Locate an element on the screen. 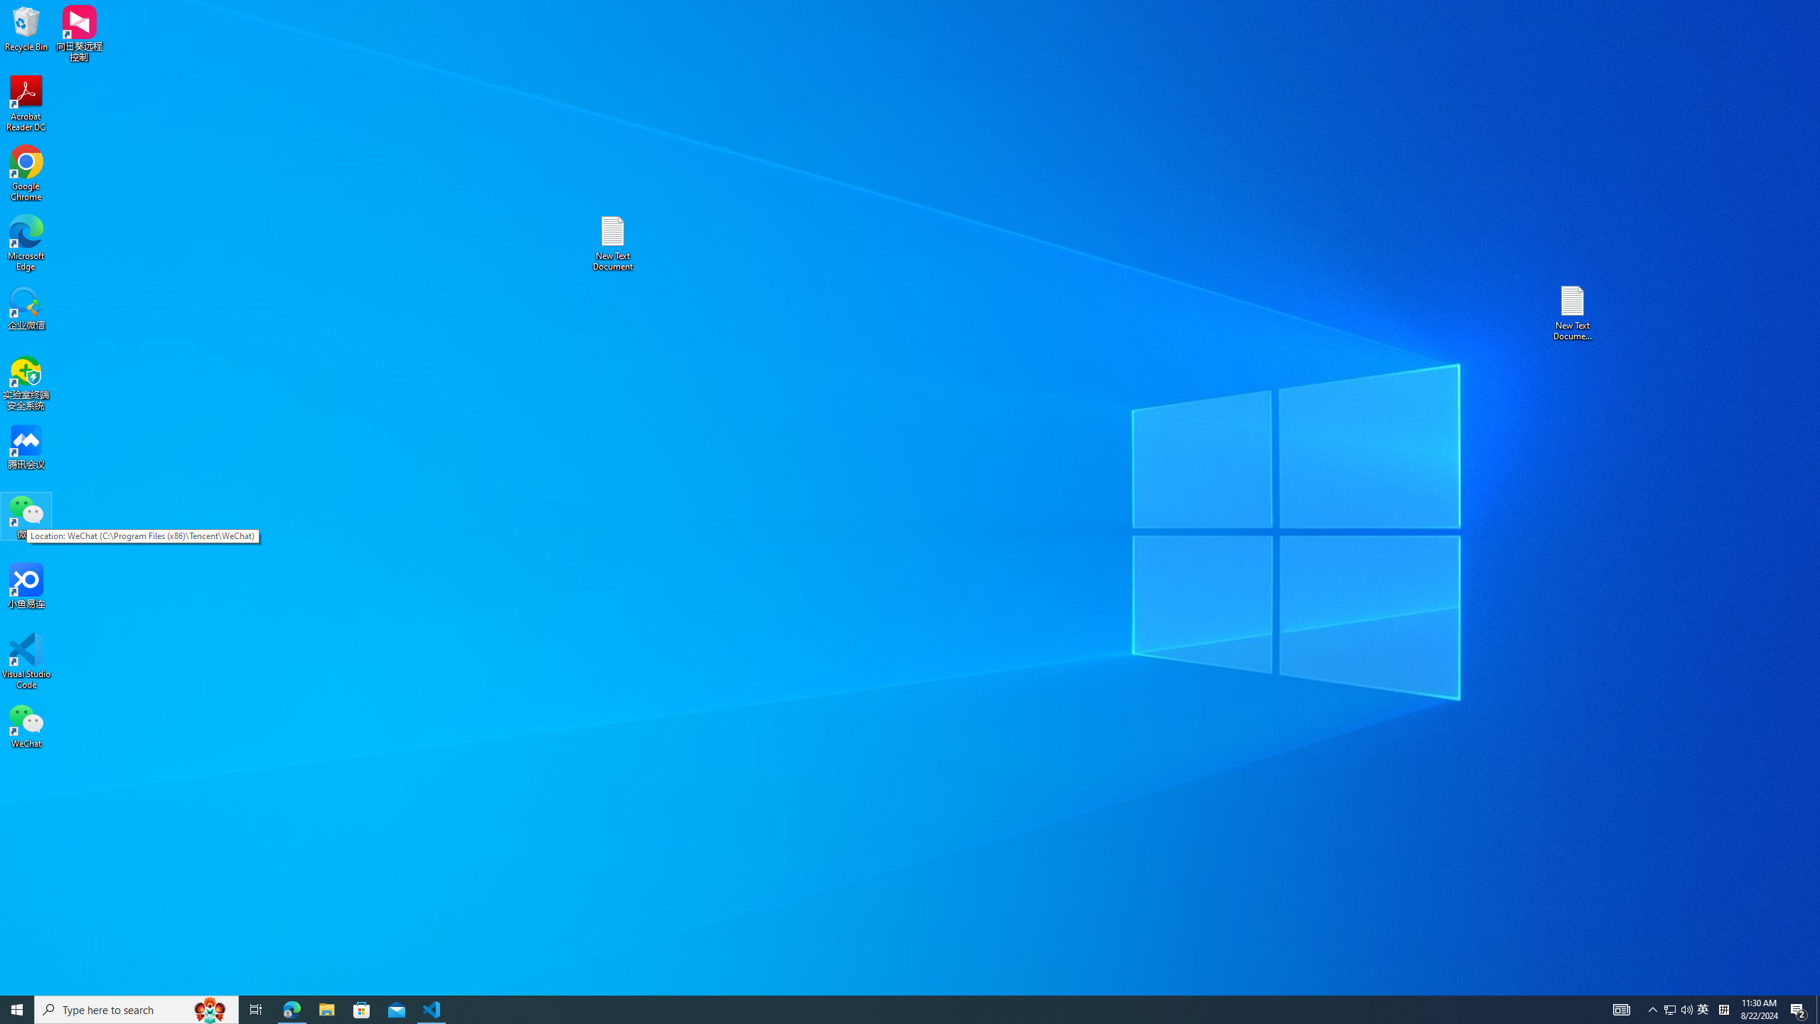  'AutomationID: 4105' is located at coordinates (1620, 1008).